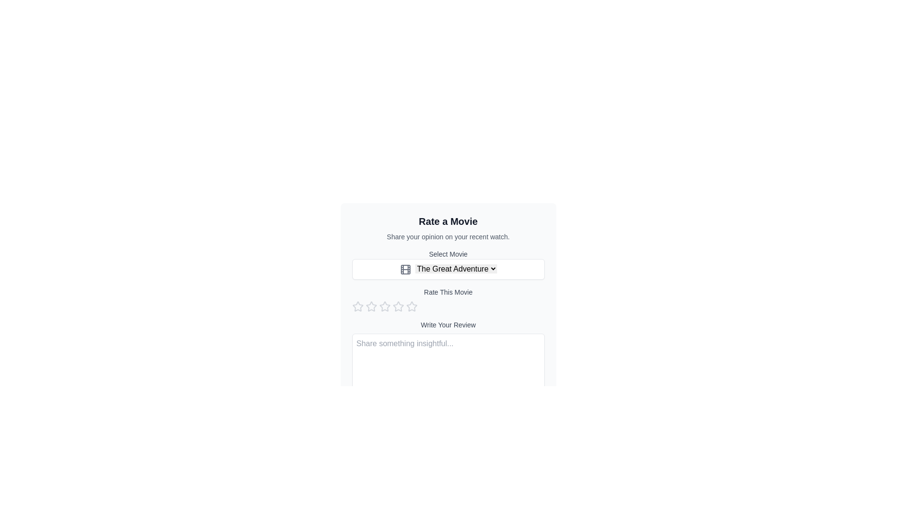 The height and width of the screenshot is (520, 924). I want to click on the first rating star button, so click(371, 306).